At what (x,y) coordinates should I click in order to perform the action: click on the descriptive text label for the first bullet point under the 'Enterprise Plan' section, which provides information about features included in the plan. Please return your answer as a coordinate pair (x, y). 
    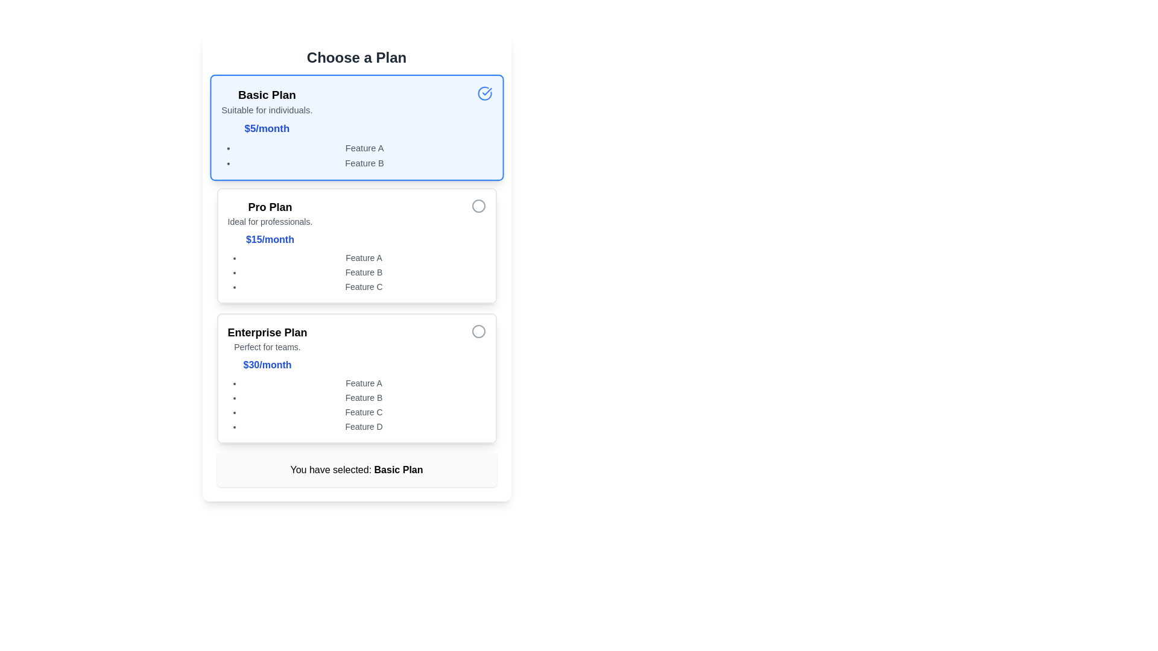
    Looking at the image, I should click on (363, 383).